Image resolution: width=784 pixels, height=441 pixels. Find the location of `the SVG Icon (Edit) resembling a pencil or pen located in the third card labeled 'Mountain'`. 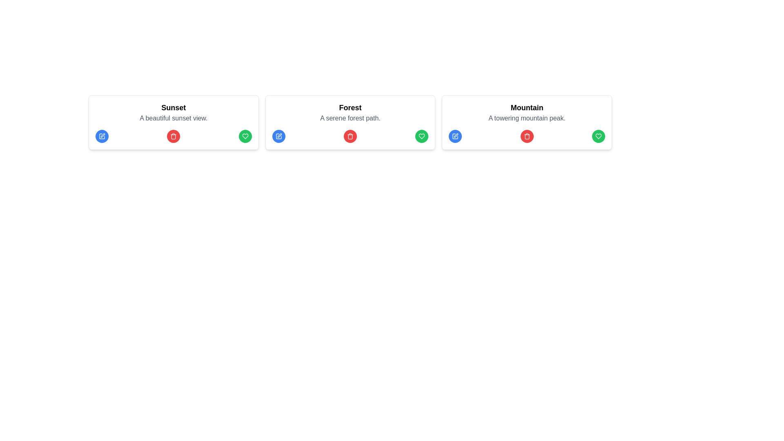

the SVG Icon (Edit) resembling a pencil or pen located in the third card labeled 'Mountain' is located at coordinates (456, 135).